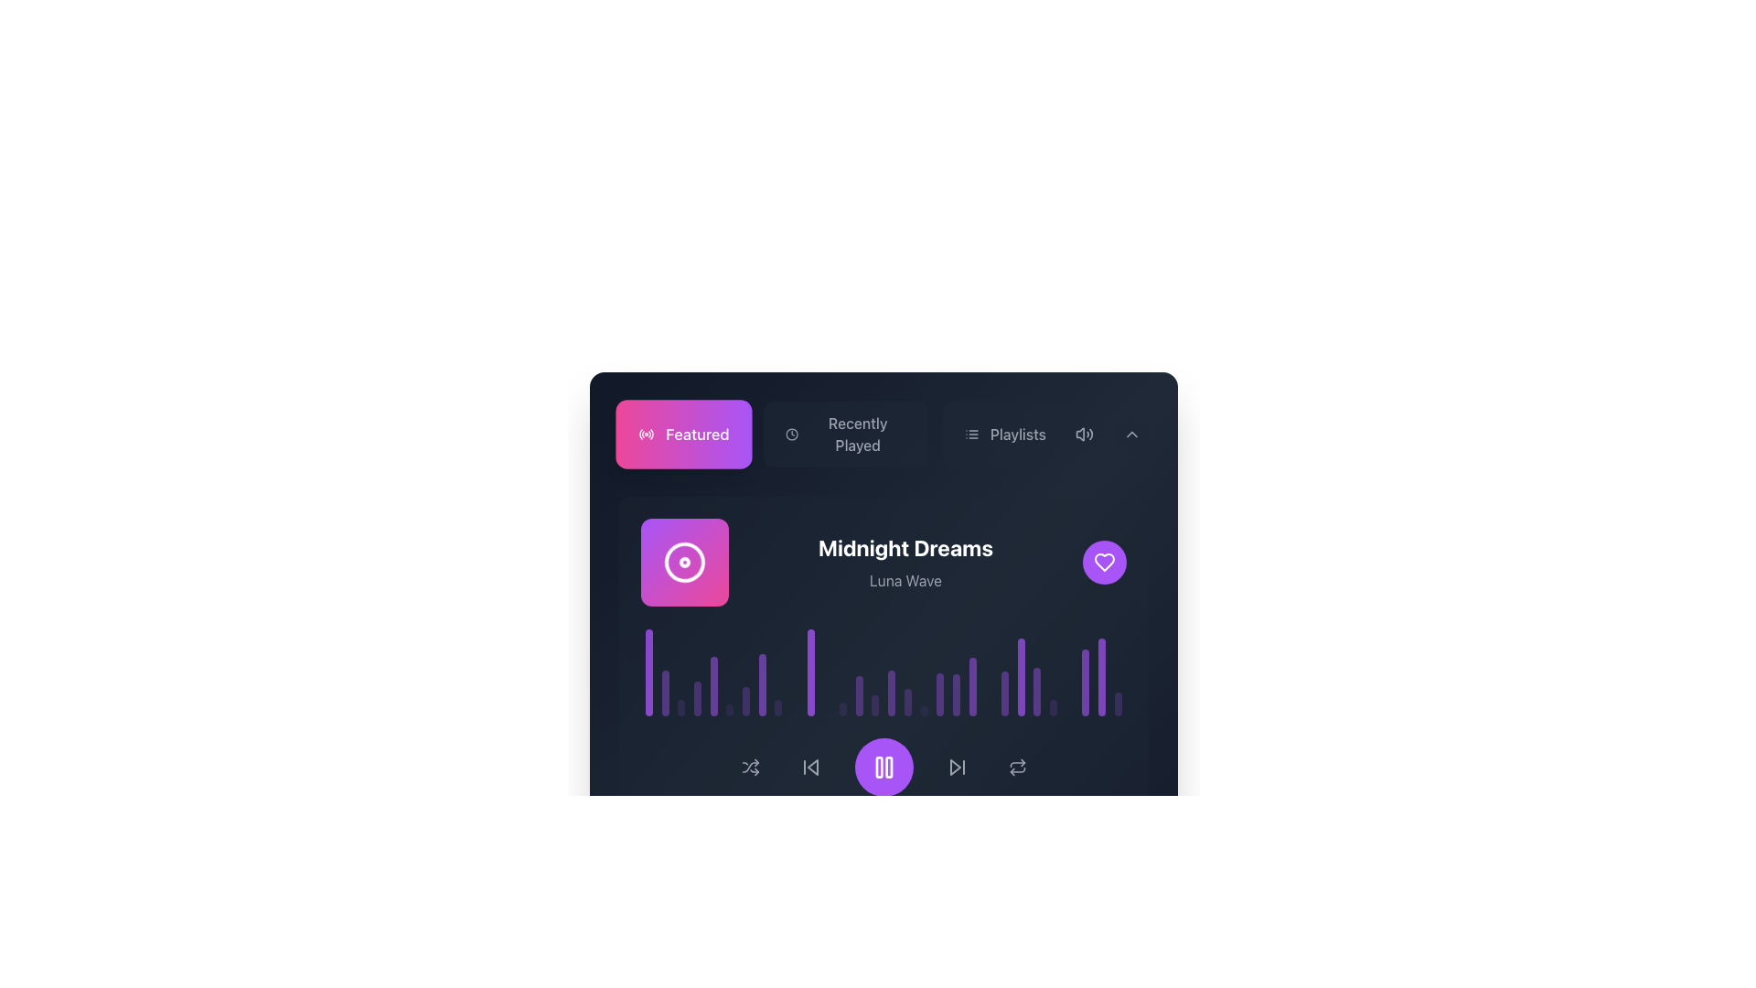 The height and width of the screenshot is (988, 1756). What do you see at coordinates (778, 707) in the screenshot?
I see `the ninth graphical bar representing audio levels or playback progress in the application interface` at bounding box center [778, 707].